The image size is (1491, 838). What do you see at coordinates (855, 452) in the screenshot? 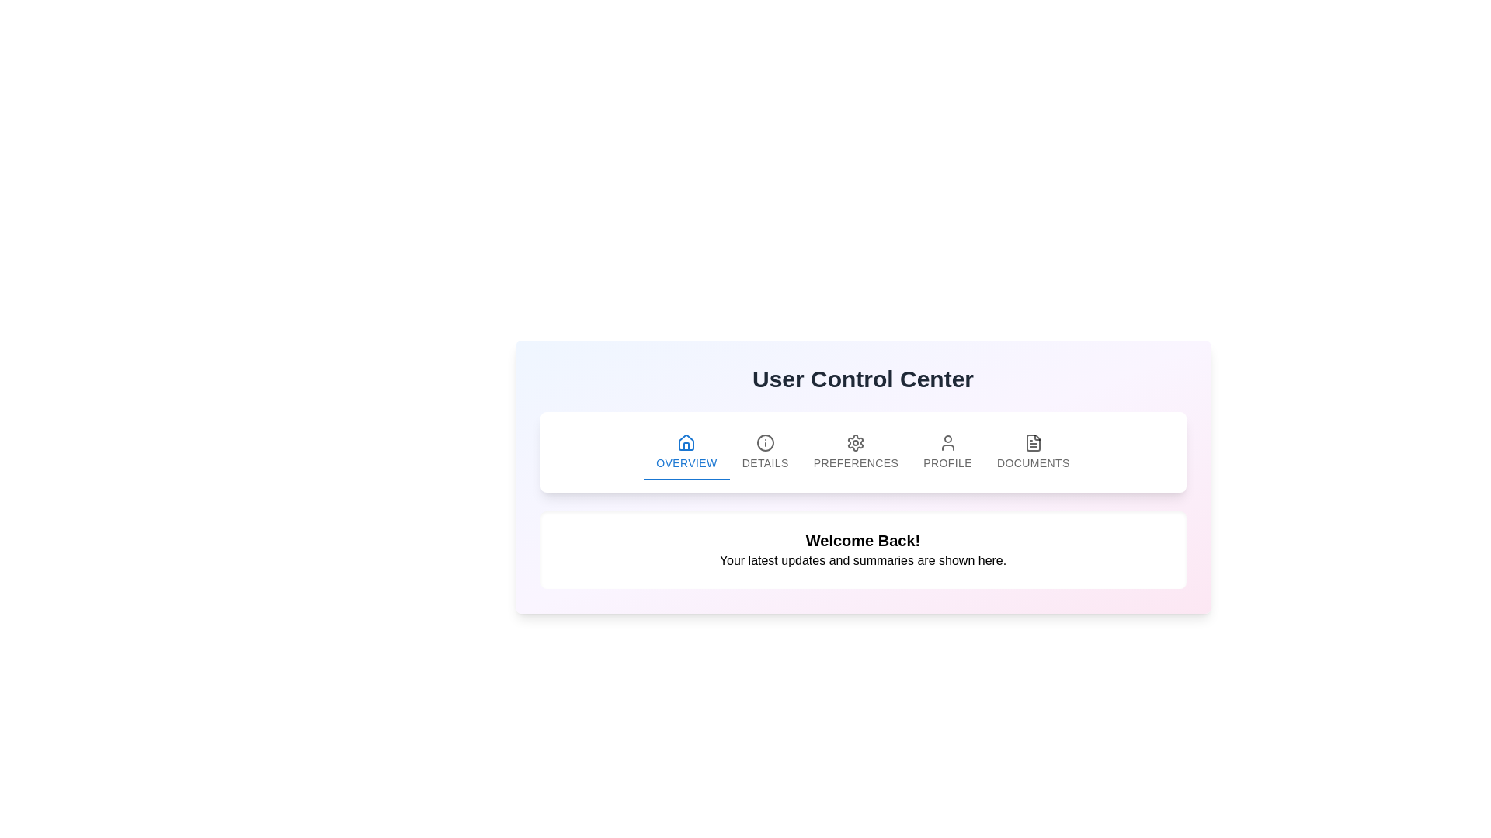
I see `the third tab button in the navigation bar labeled 'Preferences'` at bounding box center [855, 452].